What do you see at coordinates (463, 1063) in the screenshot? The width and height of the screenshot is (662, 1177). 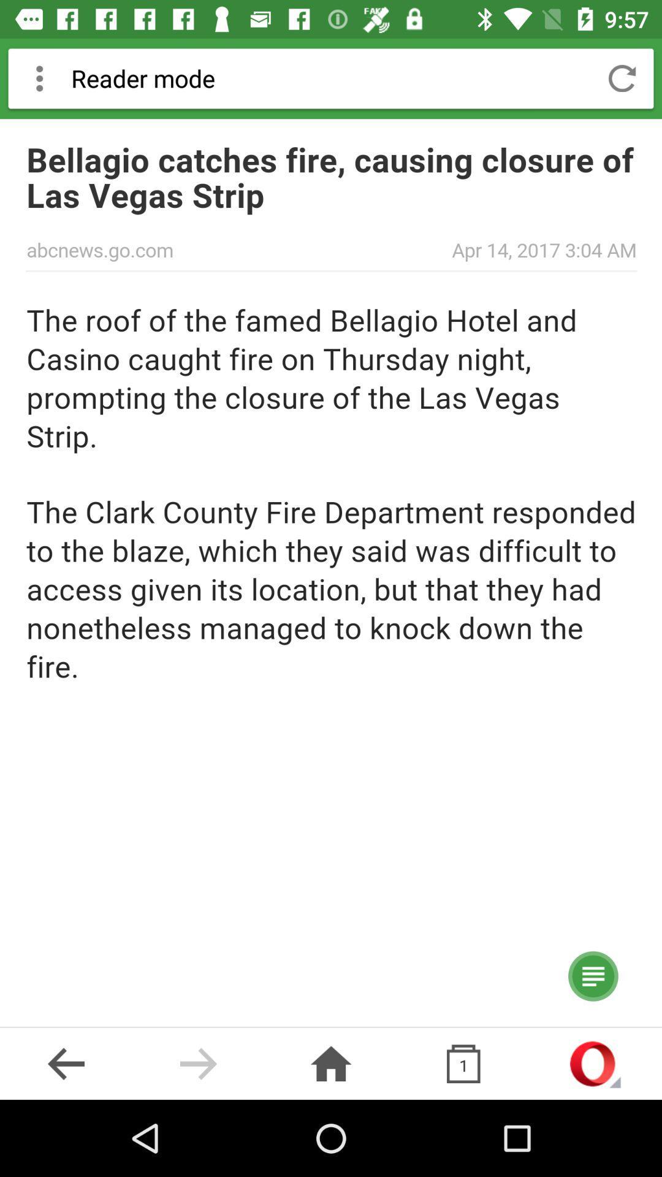 I see `the delete icon` at bounding box center [463, 1063].